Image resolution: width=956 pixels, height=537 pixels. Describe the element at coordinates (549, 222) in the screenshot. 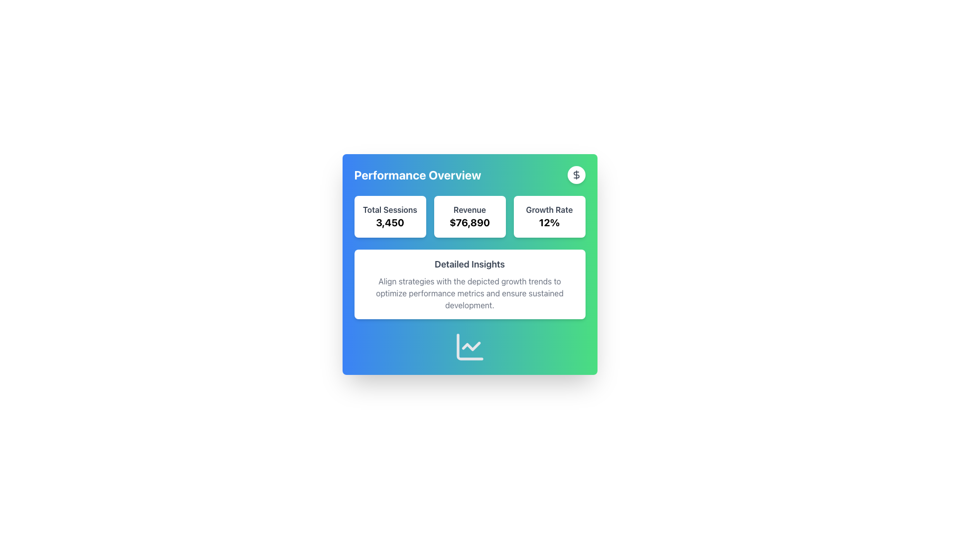

I see `the static Text Display element that shows the growth rate metric, positioned below the 'Growth Rate' label within the third card of the 'Performance Overview'` at that location.